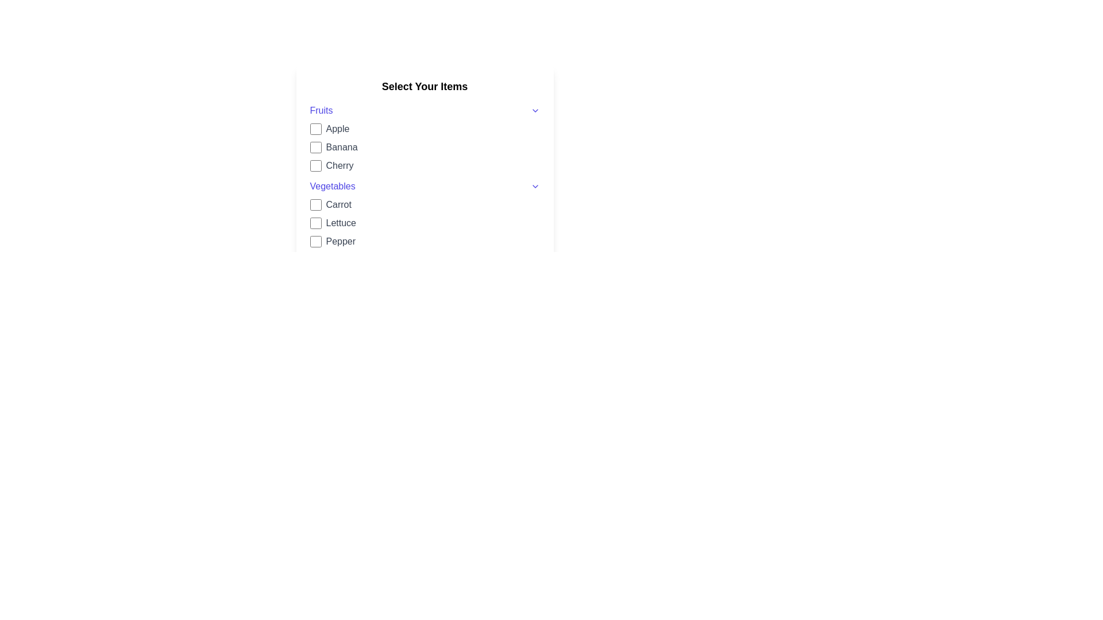 This screenshot has height=620, width=1103. Describe the element at coordinates (424, 166) in the screenshot. I see `the checkbox for selecting or deselecting the 'Cherry' item in the 'Fruits' section via keyboard navigation` at that location.